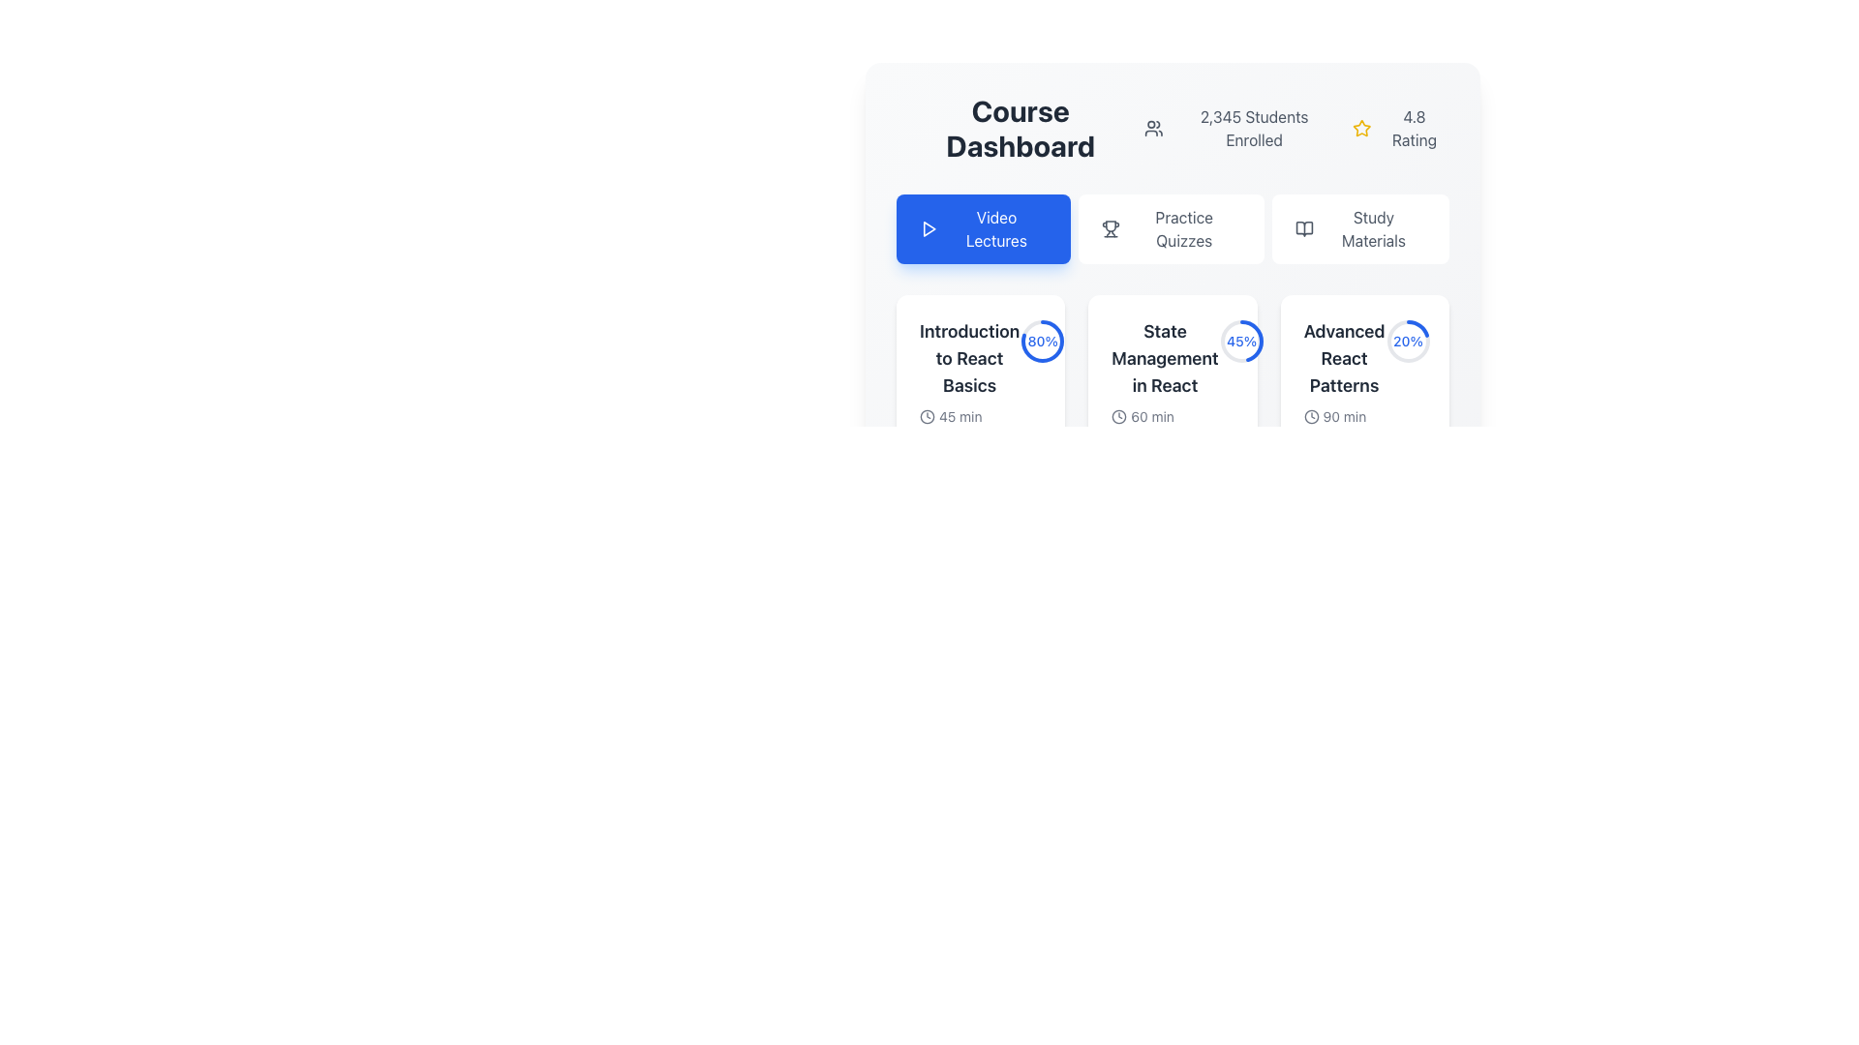 The width and height of the screenshot is (1859, 1045). Describe the element at coordinates (1311, 416) in the screenshot. I see `the time icon located to the left of the '90 min' text in the third card under the 'Advanced React Patterns' section` at that location.